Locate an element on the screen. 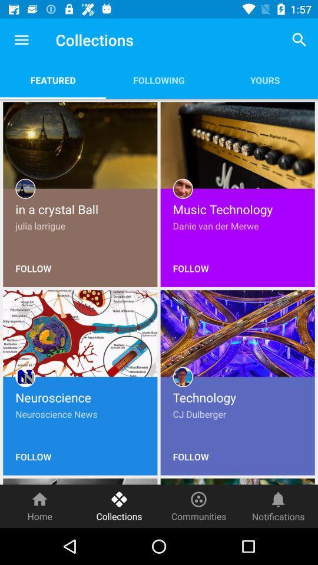 The width and height of the screenshot is (318, 565). the item below the follow is located at coordinates (39, 506).